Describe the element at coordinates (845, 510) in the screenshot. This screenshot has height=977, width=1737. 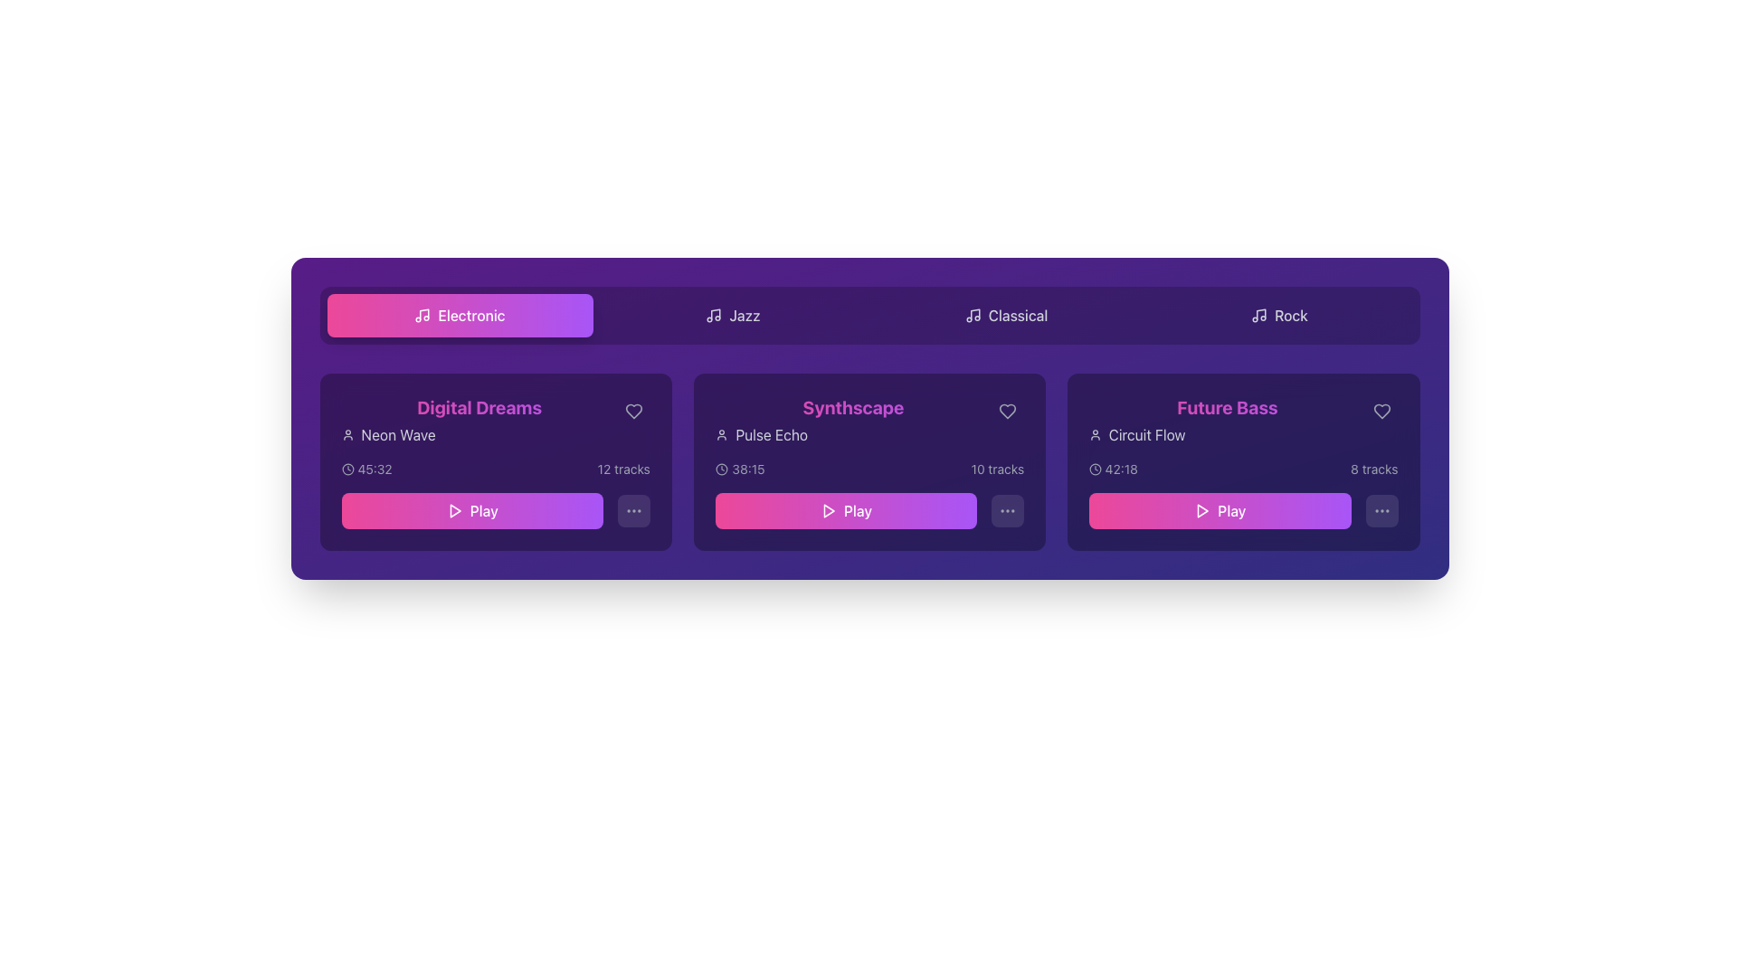
I see `the 'Play' button located at the bottom center of the 'Synthscape' panel, which features a pink to purple gradient background and a play icon with white text` at that location.